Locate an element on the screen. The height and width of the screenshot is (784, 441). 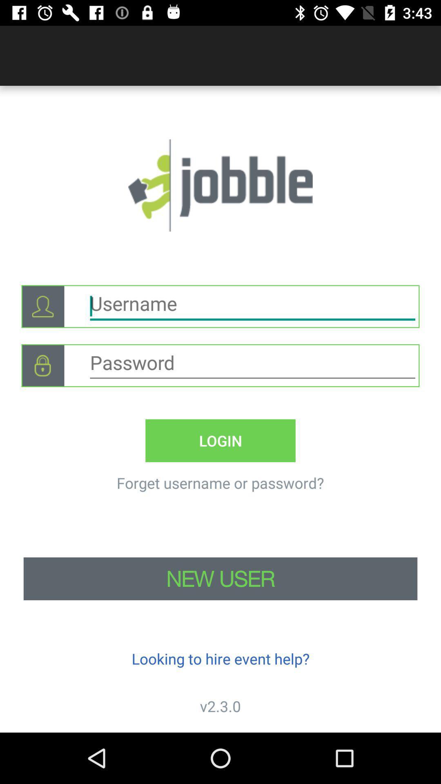
looking to hire icon is located at coordinates (220, 659).